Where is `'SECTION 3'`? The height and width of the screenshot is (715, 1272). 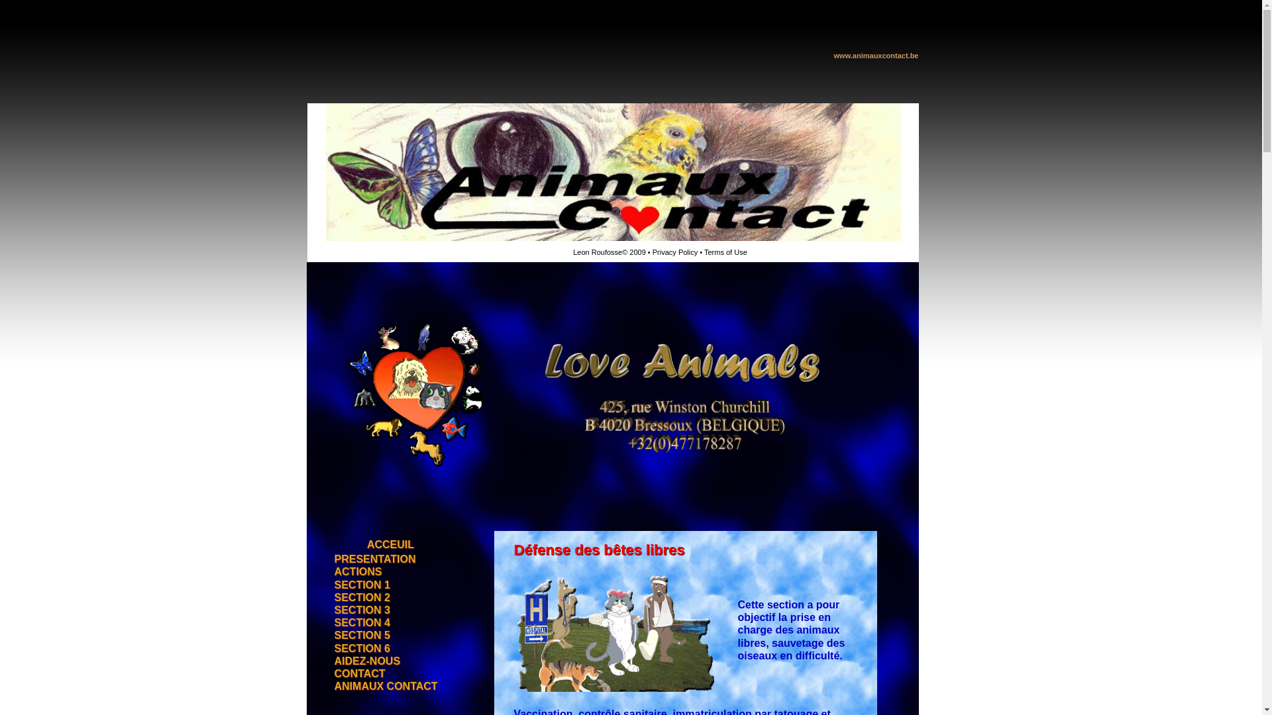 'SECTION 3' is located at coordinates (362, 610).